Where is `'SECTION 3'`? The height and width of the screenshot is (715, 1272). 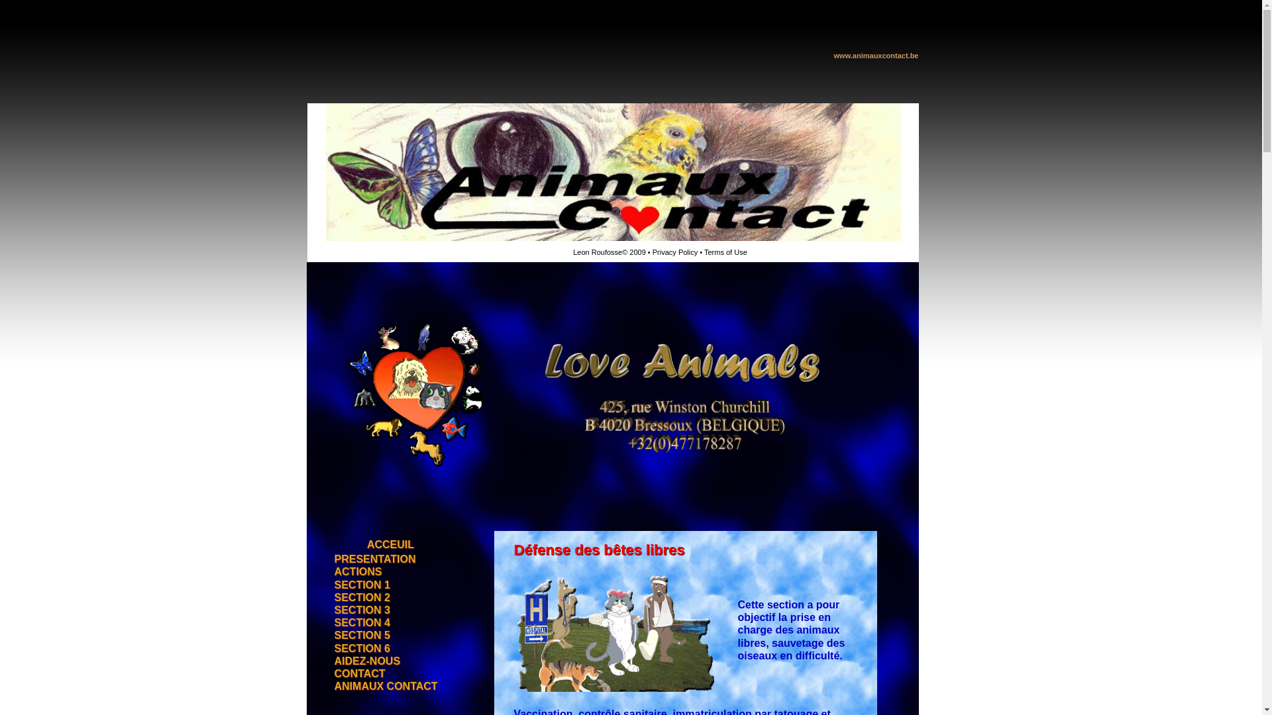 'SECTION 3' is located at coordinates (362, 610).